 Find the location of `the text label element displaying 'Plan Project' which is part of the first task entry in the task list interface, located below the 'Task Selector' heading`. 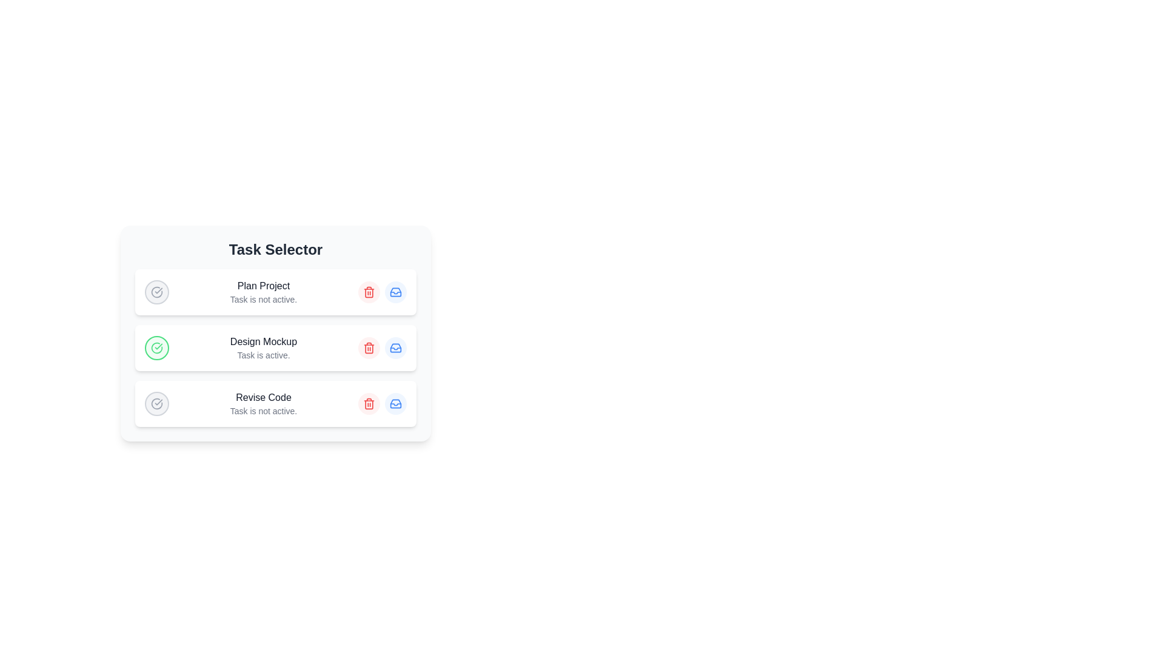

the text label element displaying 'Plan Project' which is part of the first task entry in the task list interface, located below the 'Task Selector' heading is located at coordinates (263, 286).